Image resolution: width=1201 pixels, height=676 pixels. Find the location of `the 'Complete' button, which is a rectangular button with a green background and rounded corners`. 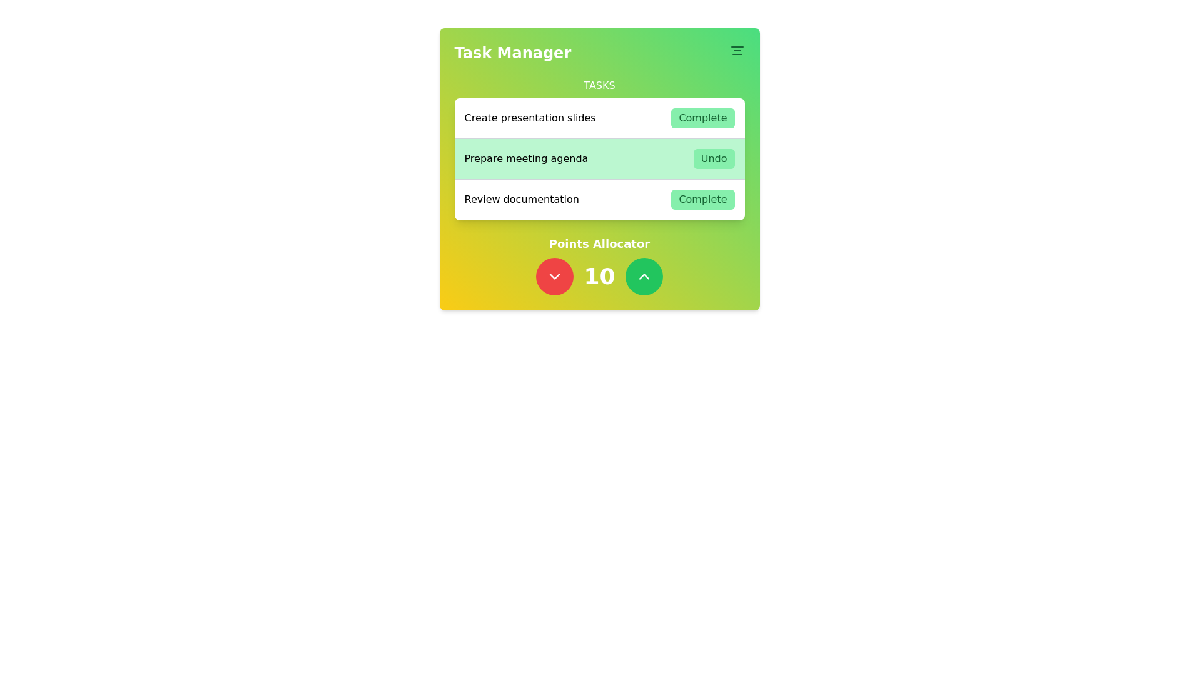

the 'Complete' button, which is a rectangular button with a green background and rounded corners is located at coordinates (702, 199).